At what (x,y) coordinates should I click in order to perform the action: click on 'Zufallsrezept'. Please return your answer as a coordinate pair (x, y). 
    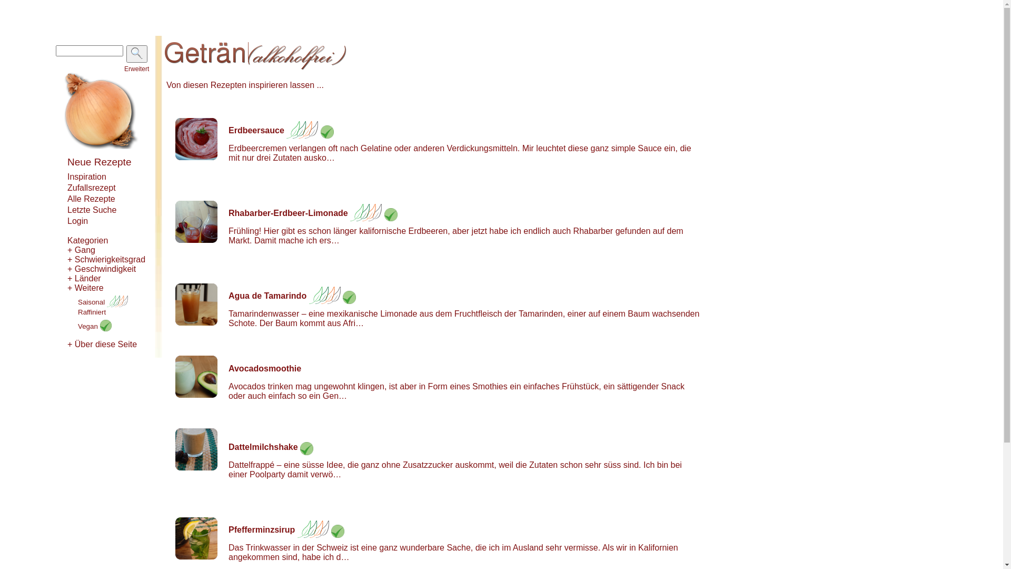
    Looking at the image, I should click on (67, 187).